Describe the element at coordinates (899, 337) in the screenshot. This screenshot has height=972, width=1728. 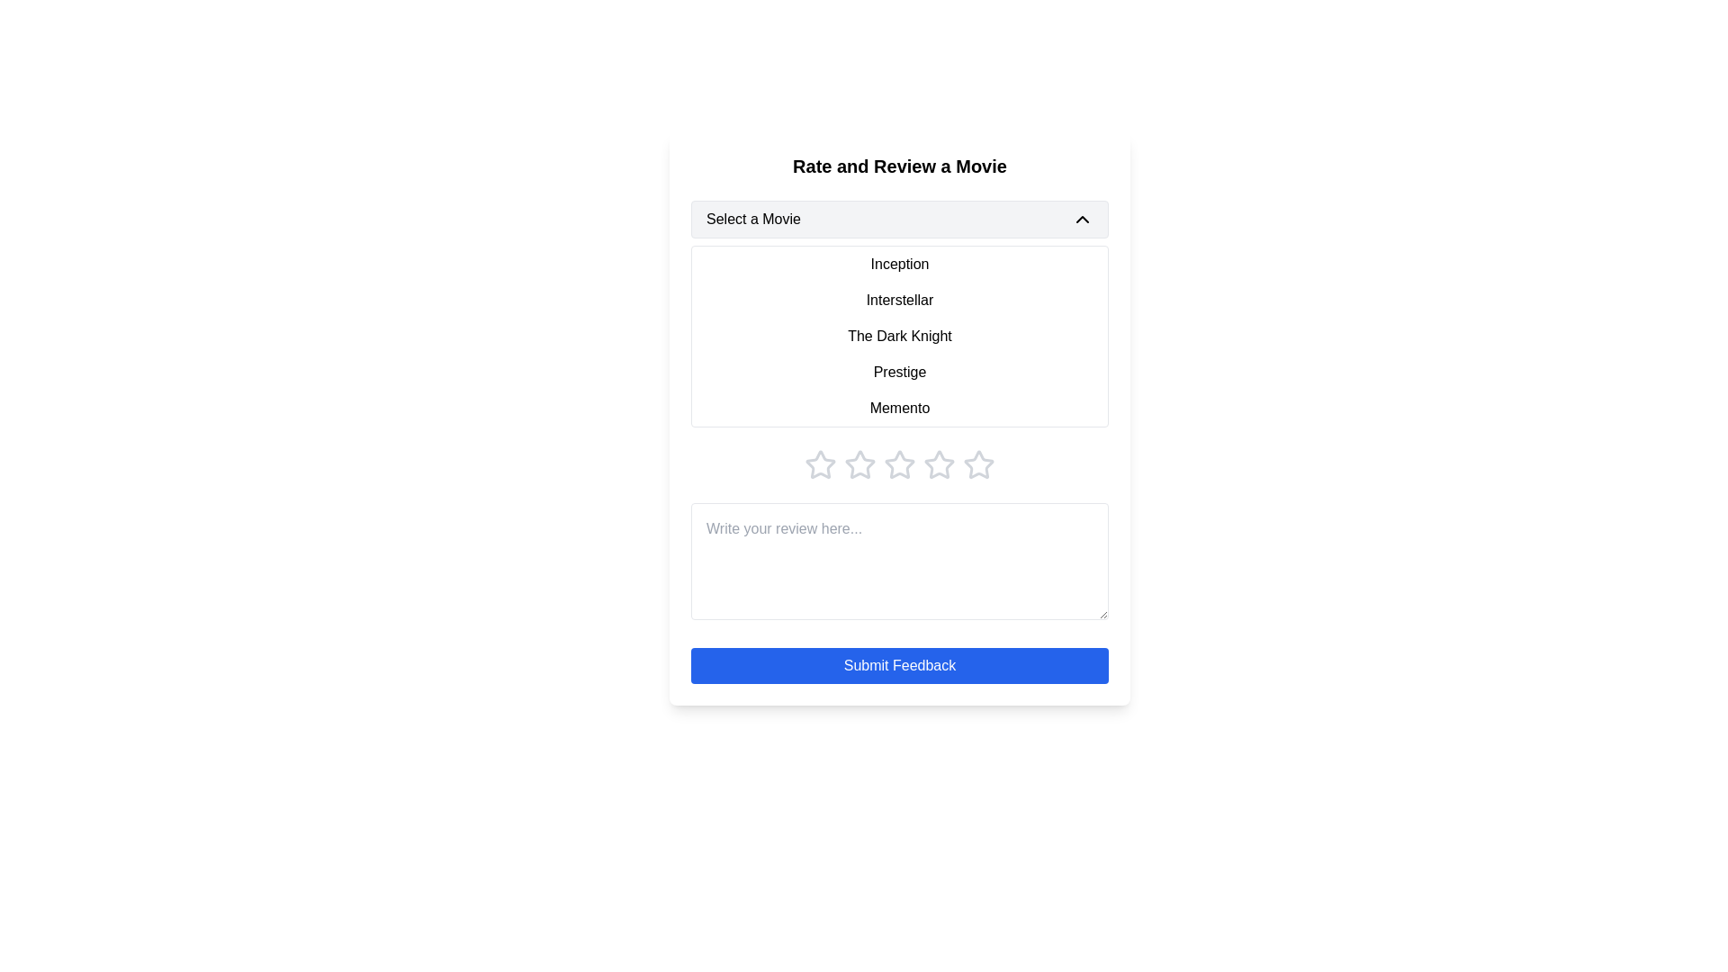
I see `a row in the dropdown menu` at that location.